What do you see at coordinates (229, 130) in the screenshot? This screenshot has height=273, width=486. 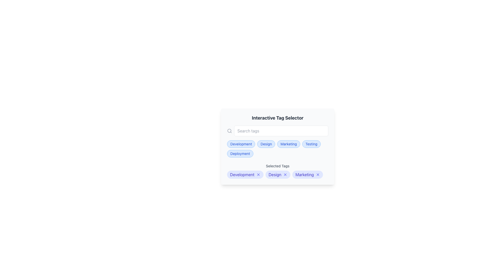 I see `the search icon, which is a minimalistic light gray magnifying glass located at the far left of the 'Interactive Tag Selector' interface` at bounding box center [229, 130].